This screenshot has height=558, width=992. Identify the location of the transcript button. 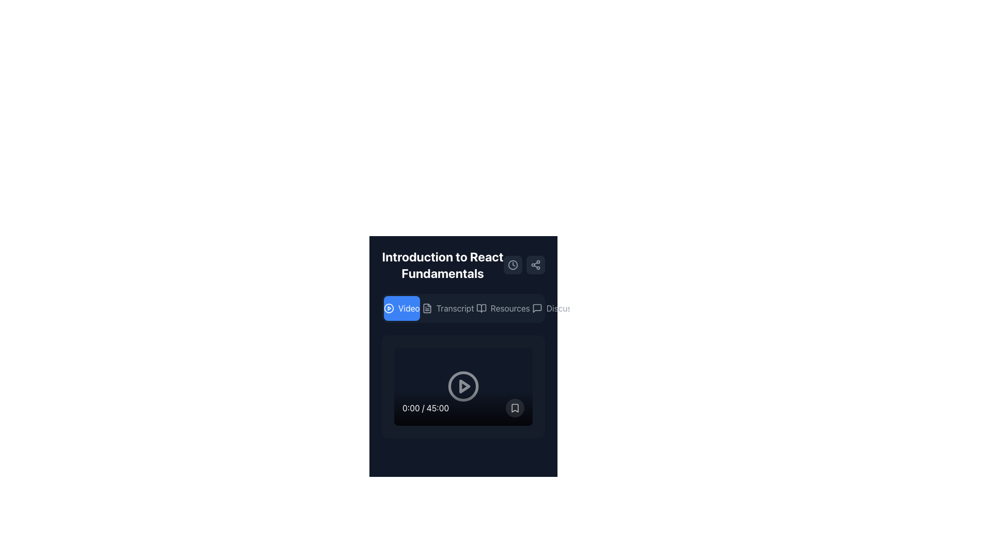
(448, 308).